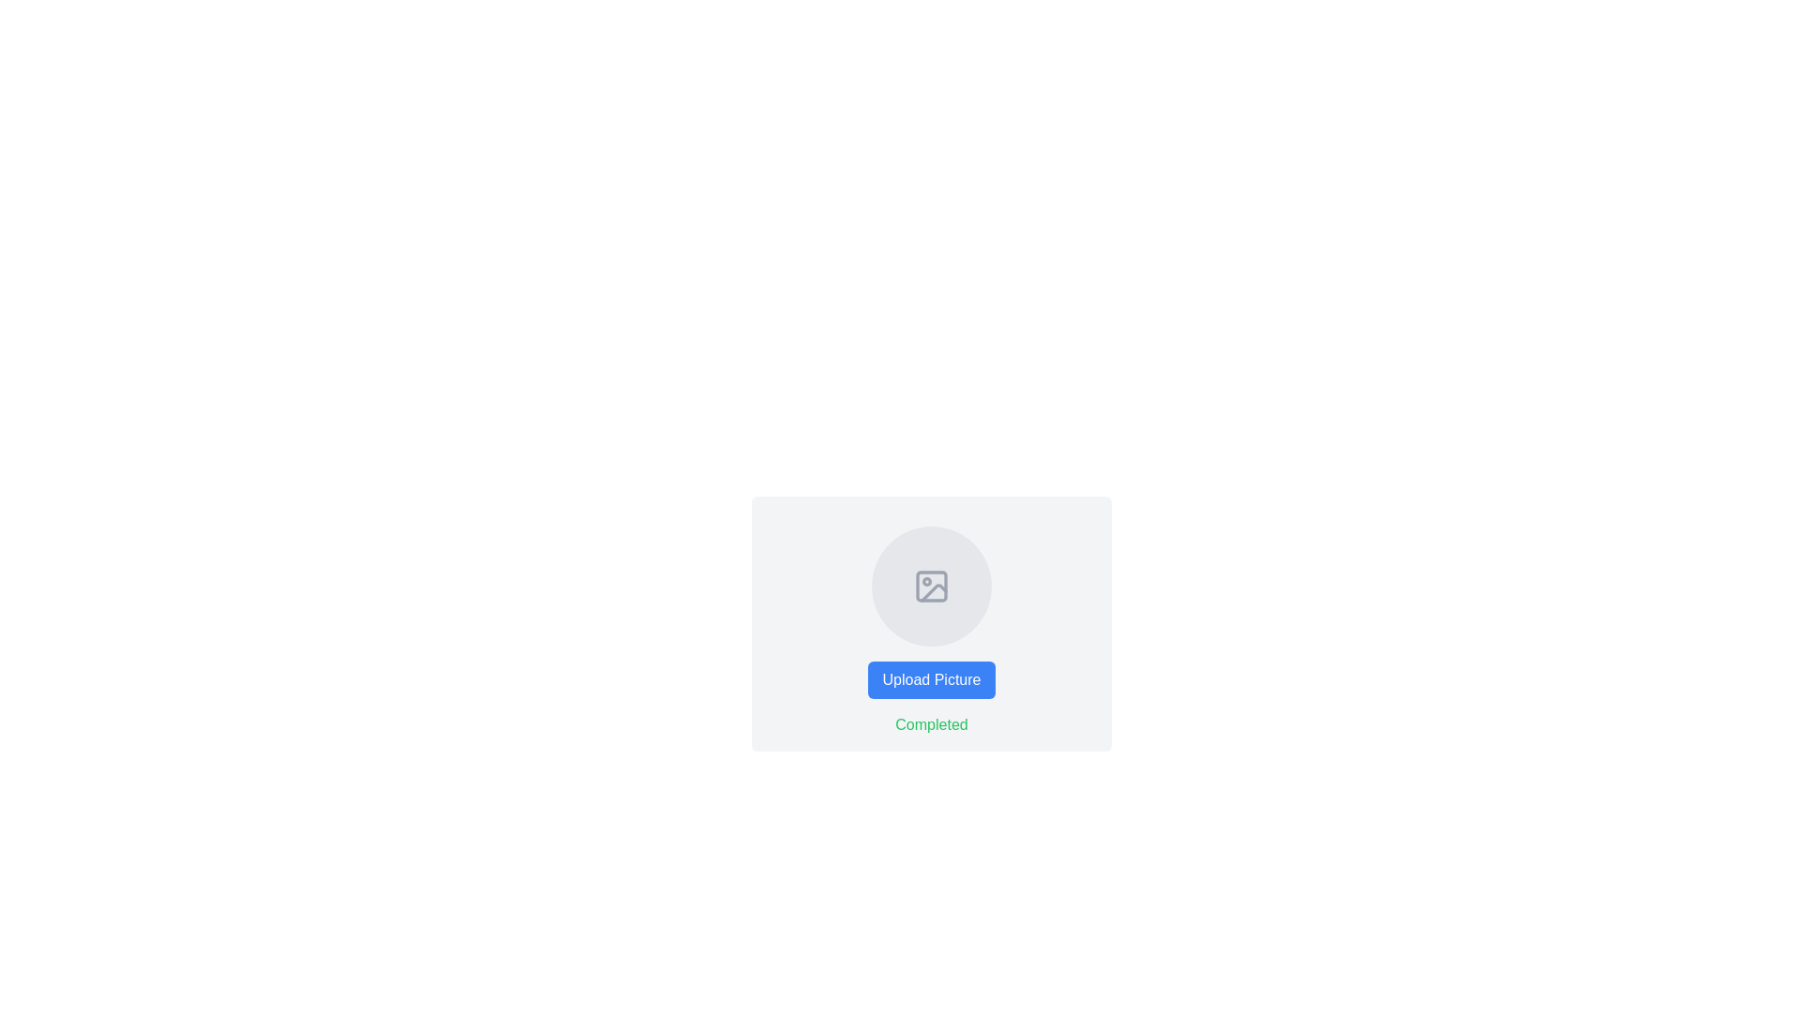 This screenshot has height=1012, width=1800. I want to click on the green text label reading 'Completed', which is centrally aligned below the blue 'Upload Picture' button, so click(931, 724).